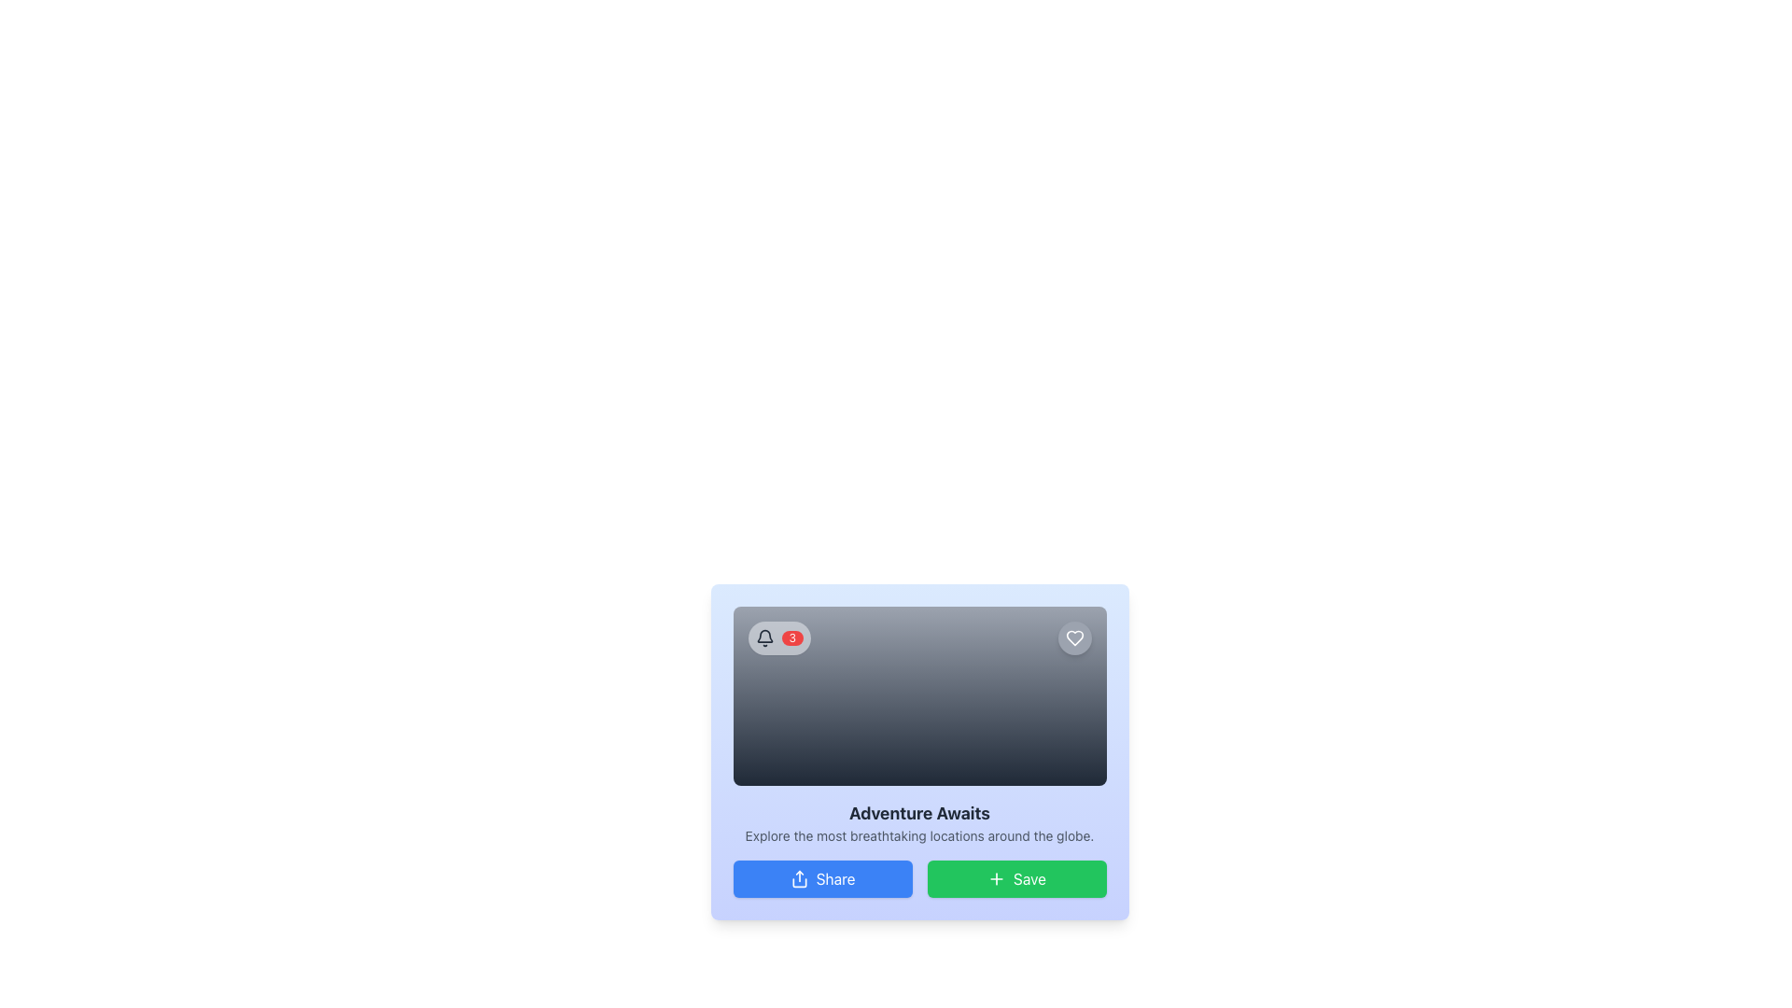  I want to click on the Text Block featuring a bold header 'Adventure Awaits' and a subtext about exploring breathtaking locations, so click(919, 822).